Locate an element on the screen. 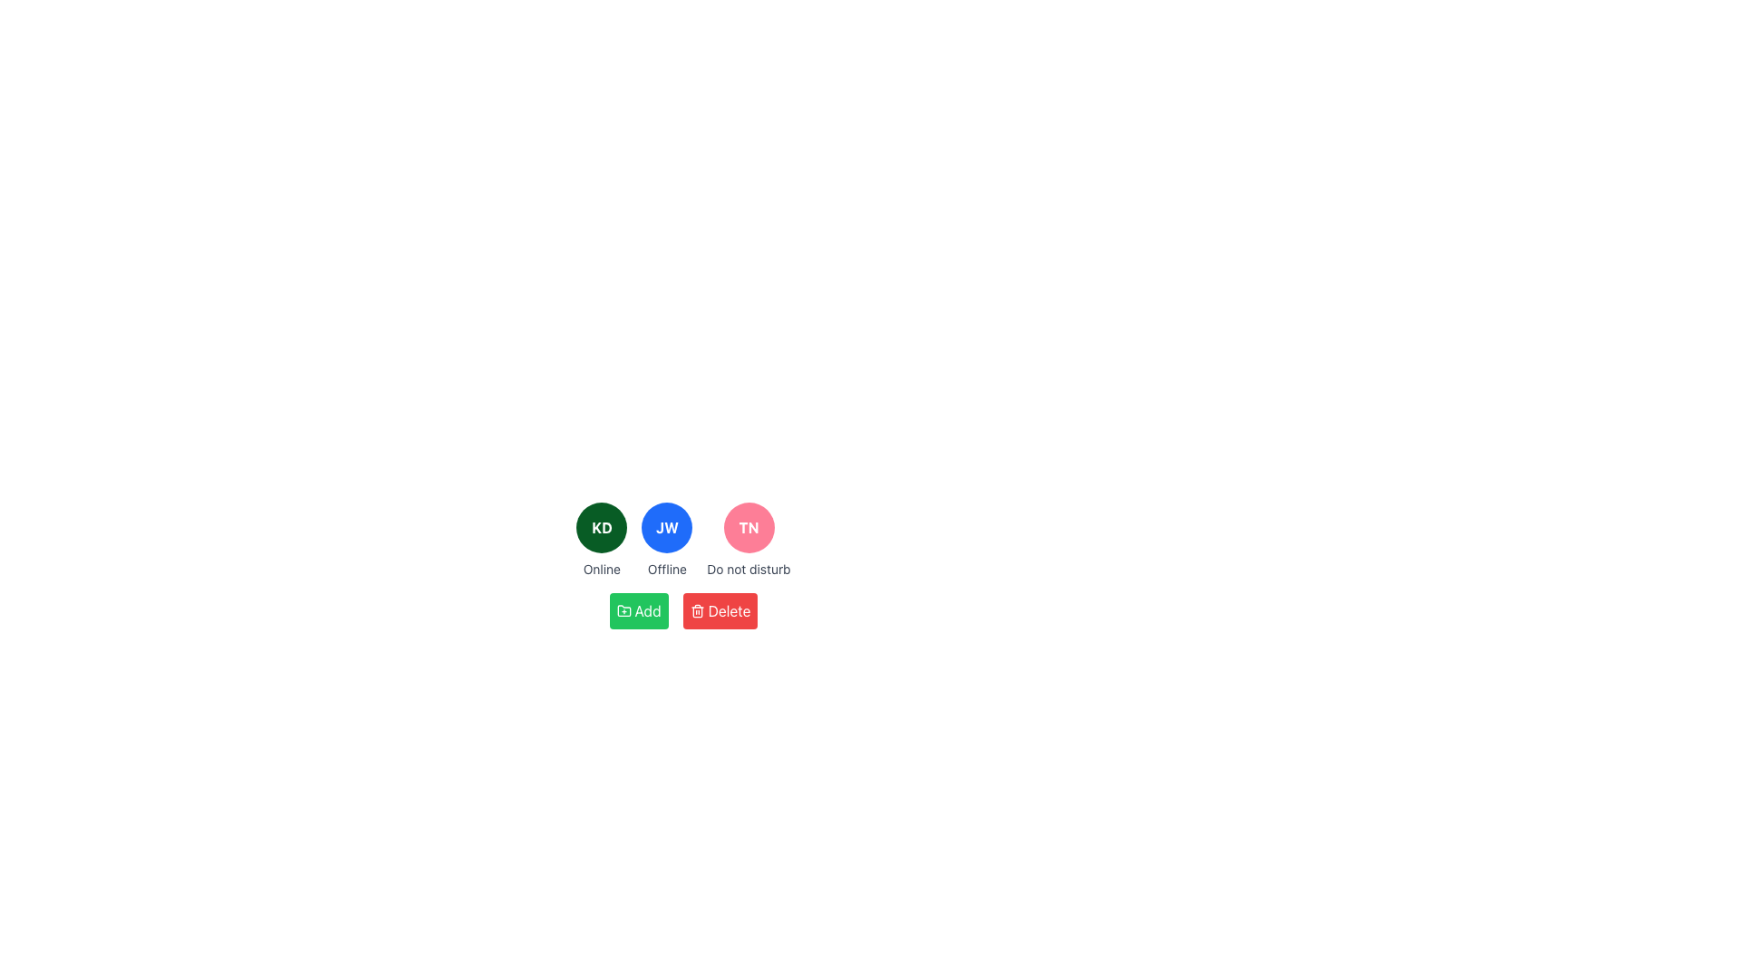 The image size is (1740, 978). the blue circular badge with white initials 'JW' and the text 'Offline' displayed below it, which is the second item in a row of three badges is located at coordinates (666, 540).